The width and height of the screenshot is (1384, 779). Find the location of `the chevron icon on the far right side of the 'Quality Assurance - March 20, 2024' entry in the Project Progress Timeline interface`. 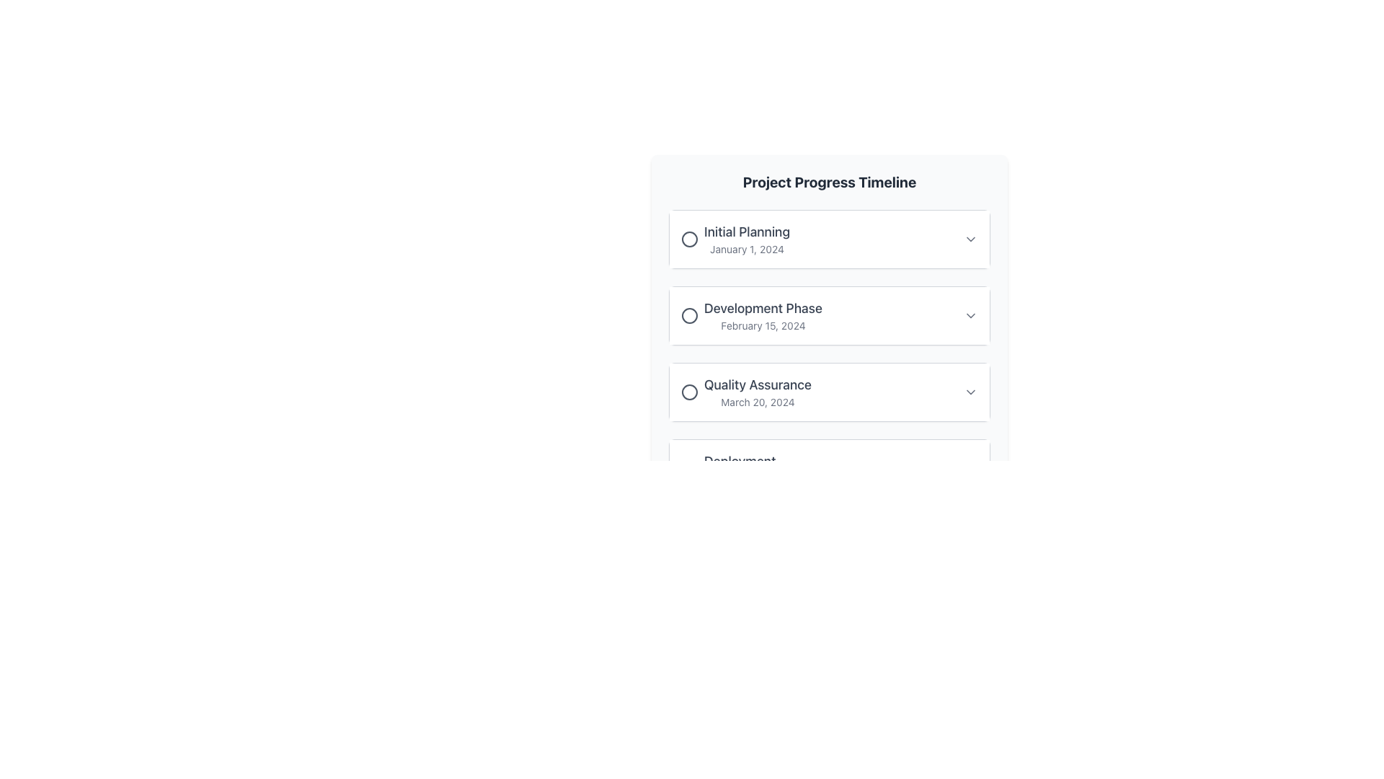

the chevron icon on the far right side of the 'Quality Assurance - March 20, 2024' entry in the Project Progress Timeline interface is located at coordinates (971, 392).